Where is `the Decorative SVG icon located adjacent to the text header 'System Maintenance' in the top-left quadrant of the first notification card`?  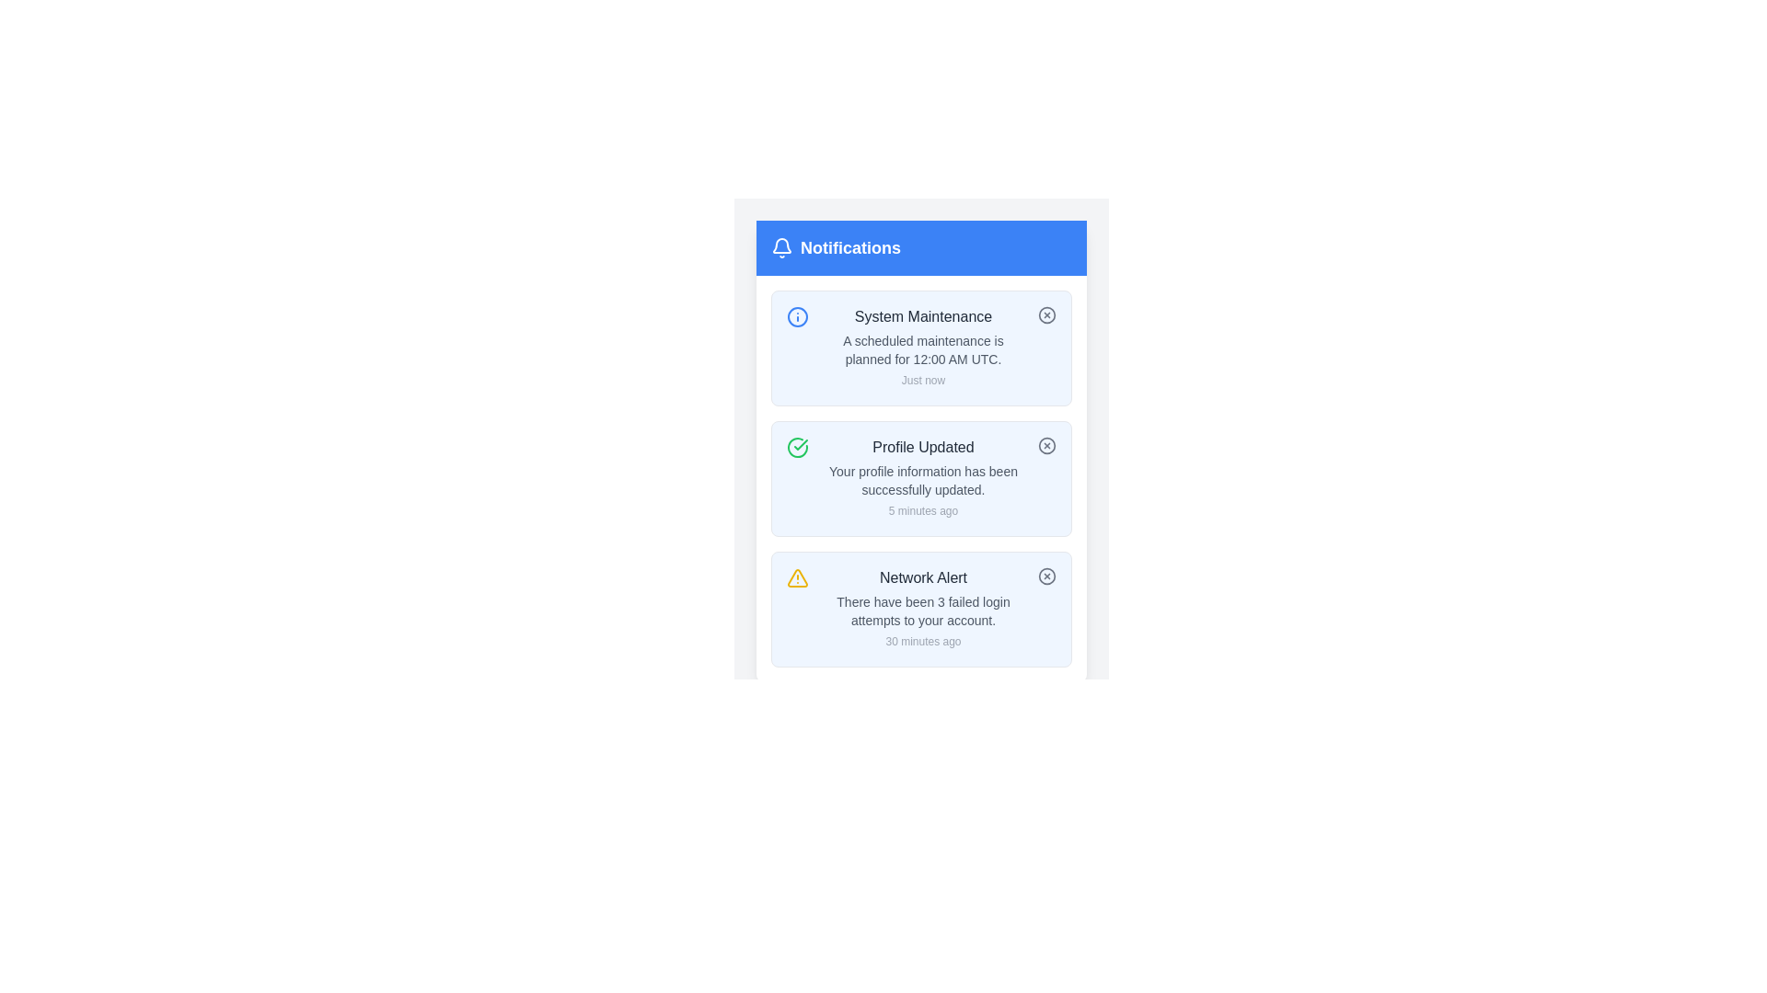
the Decorative SVG icon located adjacent to the text header 'System Maintenance' in the top-left quadrant of the first notification card is located at coordinates (798, 315).